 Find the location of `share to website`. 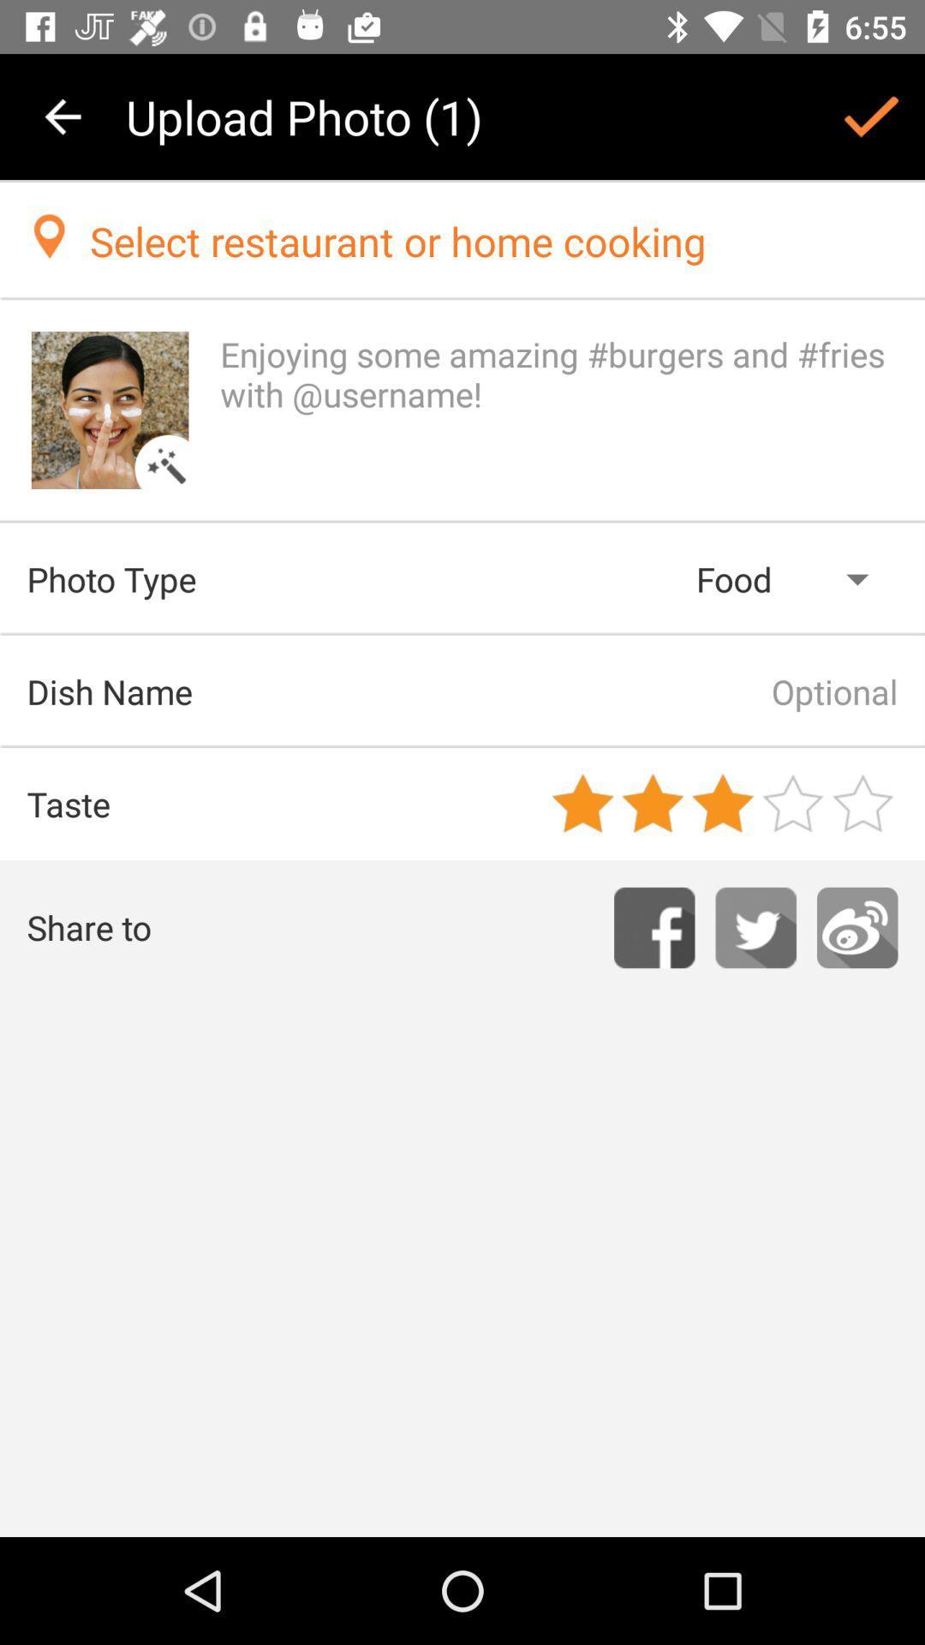

share to website is located at coordinates (857, 927).